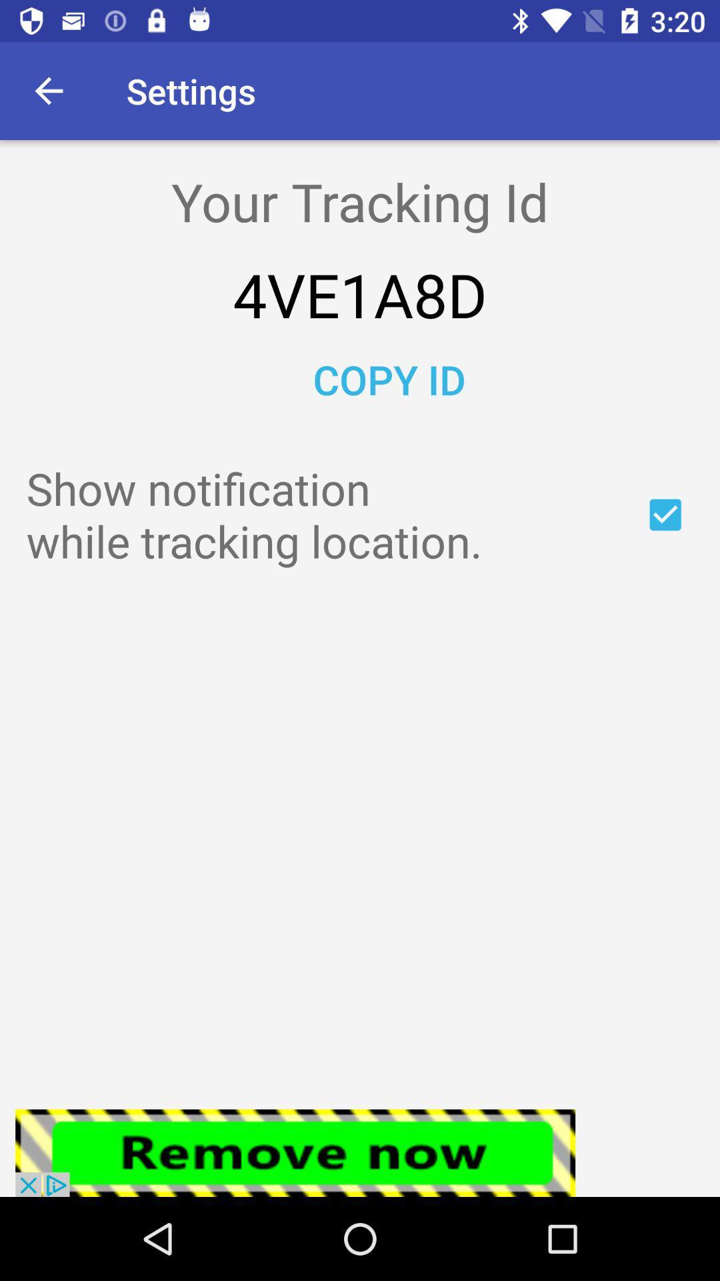 Image resolution: width=720 pixels, height=1281 pixels. What do you see at coordinates (665, 514) in the screenshot?
I see `yes or no on locations` at bounding box center [665, 514].